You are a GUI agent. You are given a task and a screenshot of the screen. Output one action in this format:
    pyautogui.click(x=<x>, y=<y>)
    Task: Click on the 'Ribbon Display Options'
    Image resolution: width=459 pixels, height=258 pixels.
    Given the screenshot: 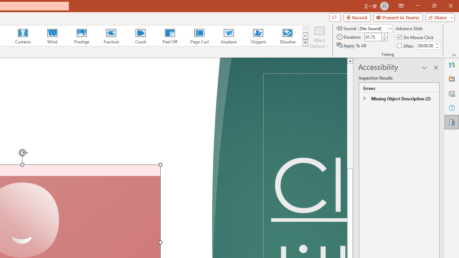 What is the action you would take?
    pyautogui.click(x=401, y=6)
    